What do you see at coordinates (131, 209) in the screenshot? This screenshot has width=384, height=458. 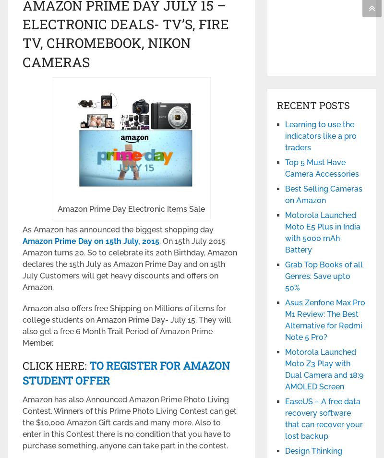 I see `'Amazon Prime Day Electronic Items Sale'` at bounding box center [131, 209].